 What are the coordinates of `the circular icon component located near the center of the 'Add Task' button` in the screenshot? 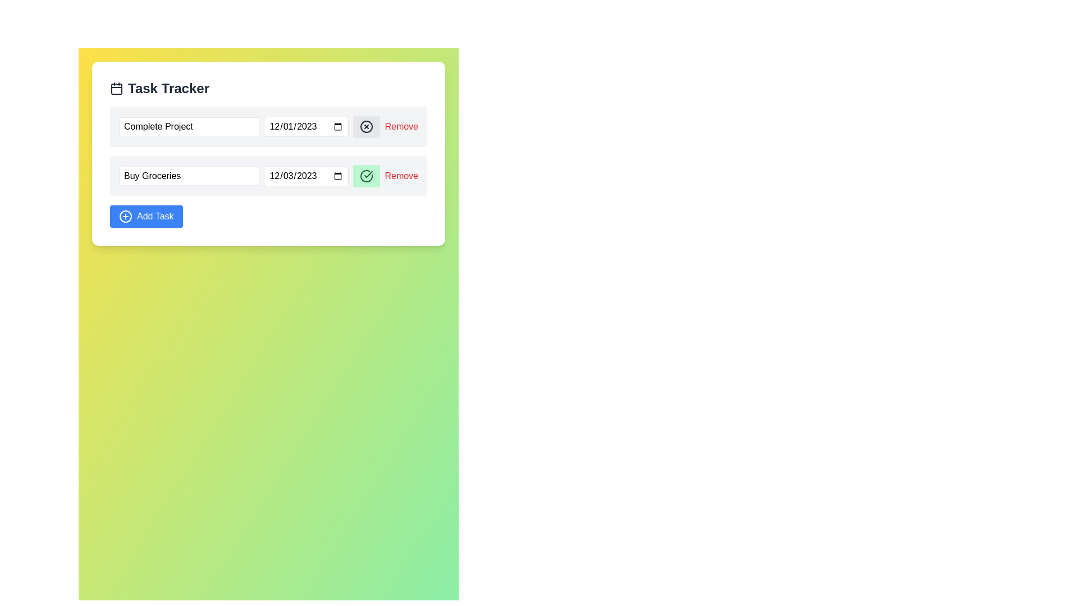 It's located at (126, 216).